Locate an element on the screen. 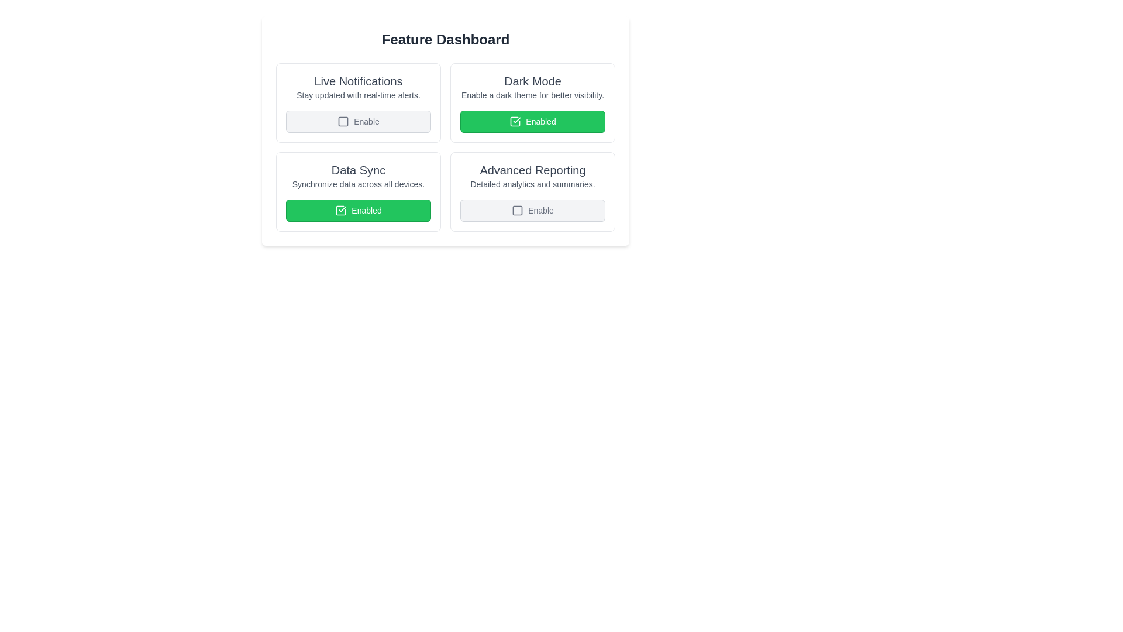  the button located at the bottom-right section of the 'Advanced Reporting' grid is located at coordinates (532, 209).